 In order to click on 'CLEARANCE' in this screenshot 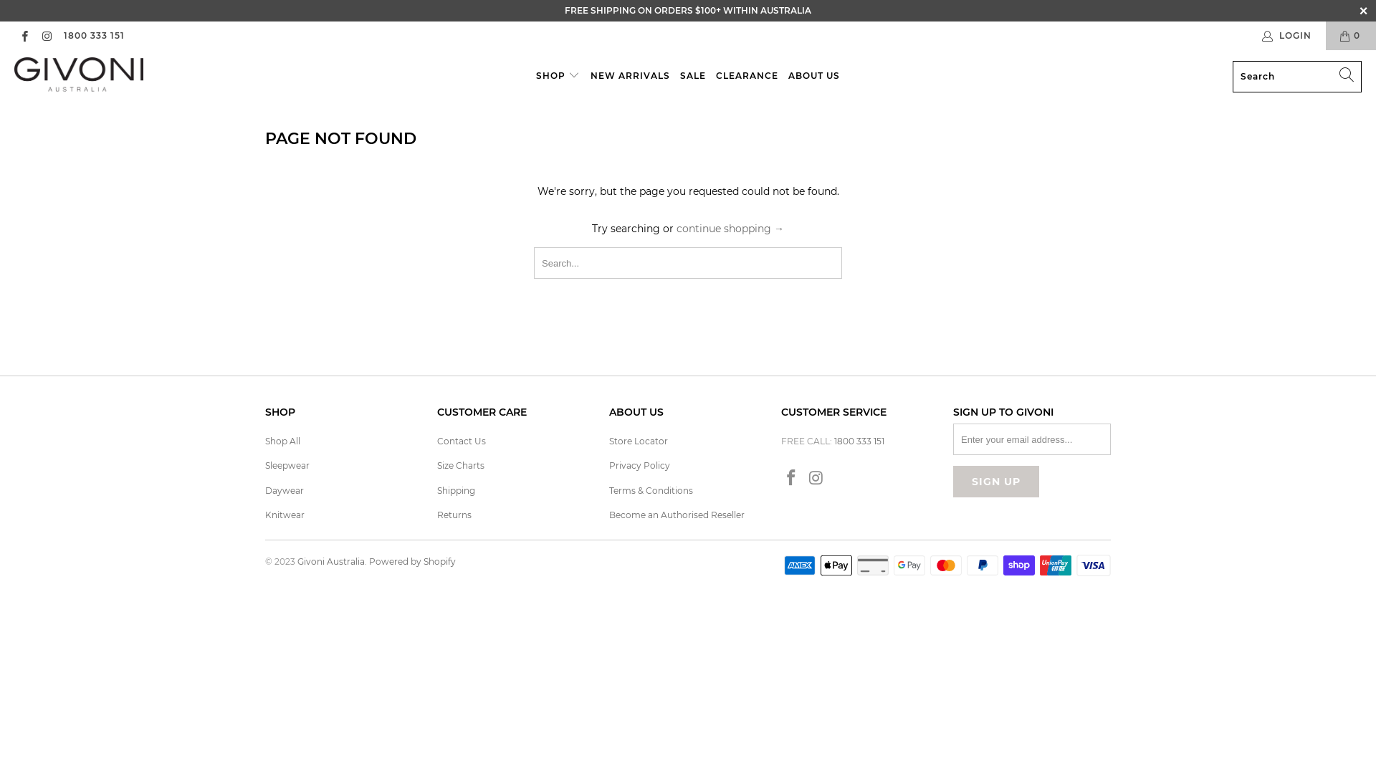, I will do `click(746, 76)`.